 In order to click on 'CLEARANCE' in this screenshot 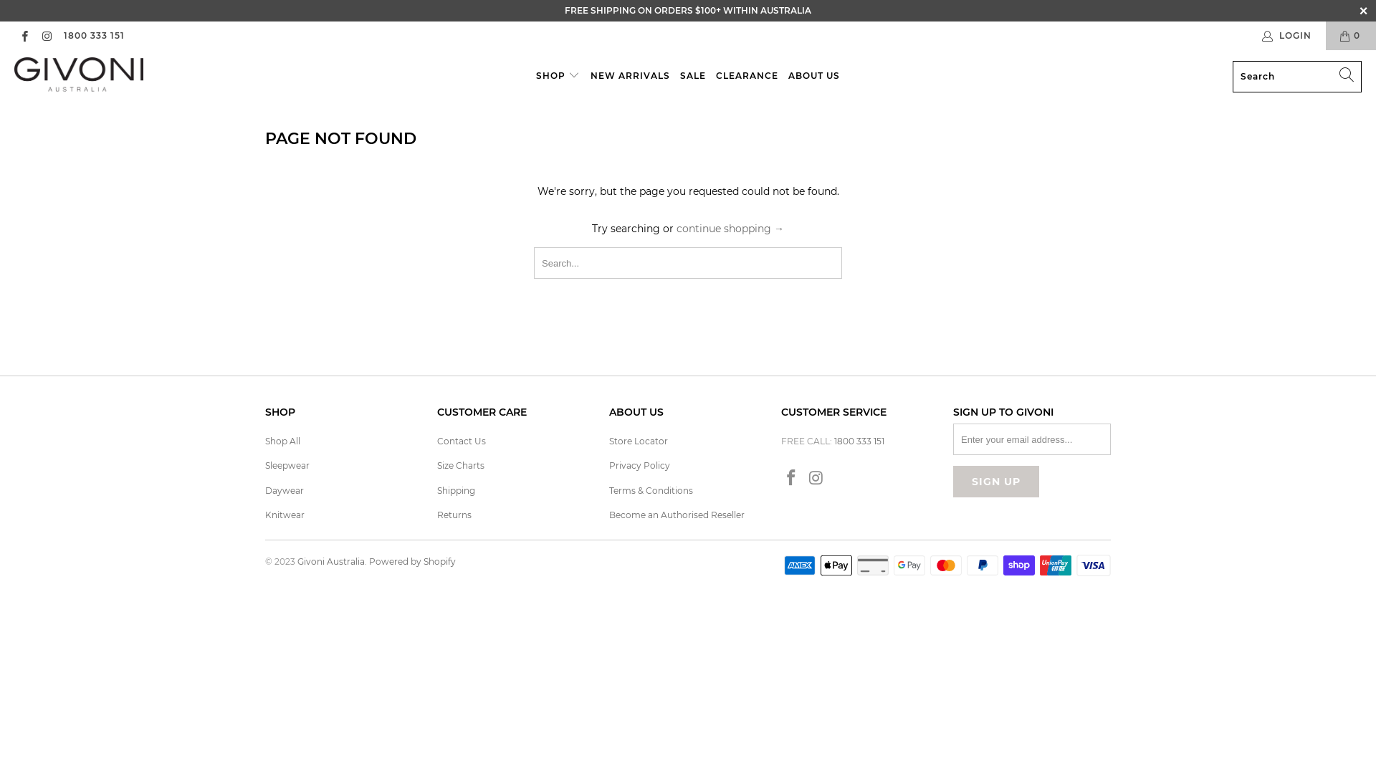, I will do `click(746, 76)`.